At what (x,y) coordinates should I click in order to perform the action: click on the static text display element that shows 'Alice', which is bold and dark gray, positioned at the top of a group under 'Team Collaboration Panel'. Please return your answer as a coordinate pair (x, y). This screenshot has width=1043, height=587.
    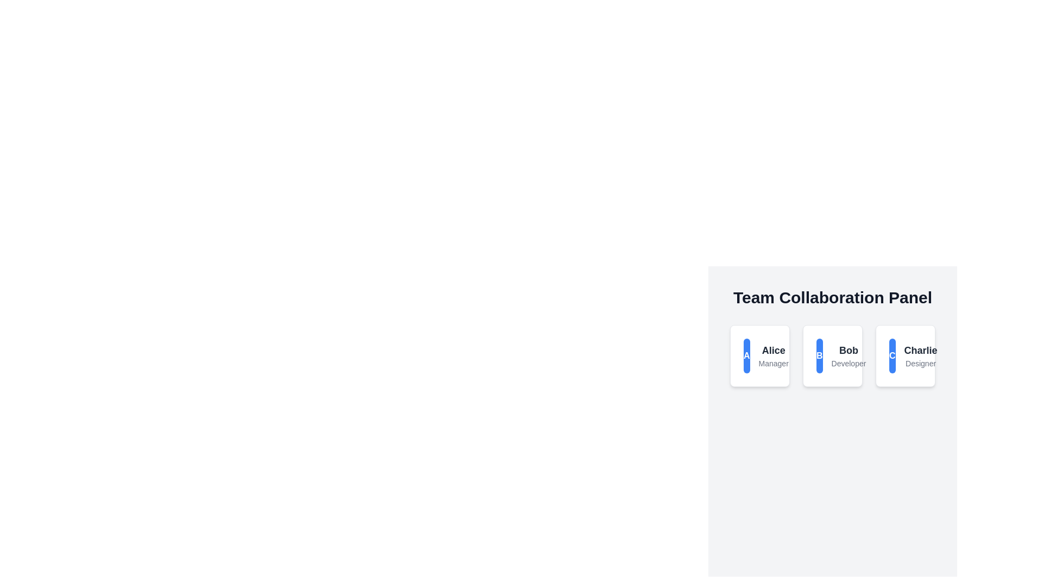
    Looking at the image, I should click on (773, 350).